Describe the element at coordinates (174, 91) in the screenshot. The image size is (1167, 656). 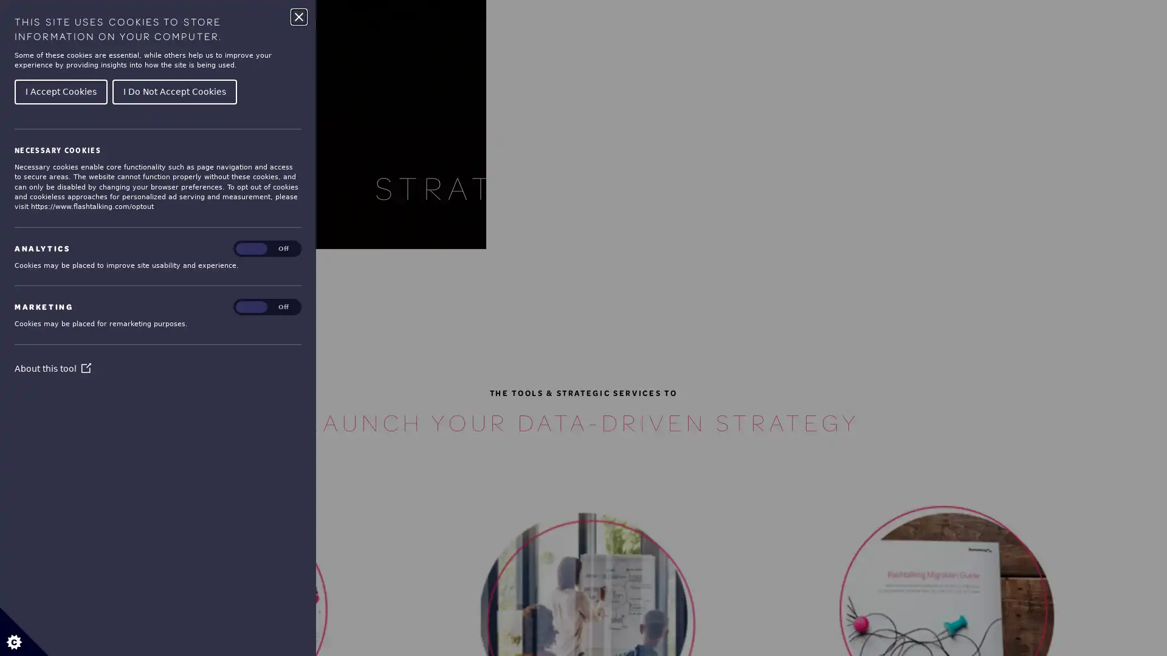
I see `I Do Not Accept Cookies` at that location.